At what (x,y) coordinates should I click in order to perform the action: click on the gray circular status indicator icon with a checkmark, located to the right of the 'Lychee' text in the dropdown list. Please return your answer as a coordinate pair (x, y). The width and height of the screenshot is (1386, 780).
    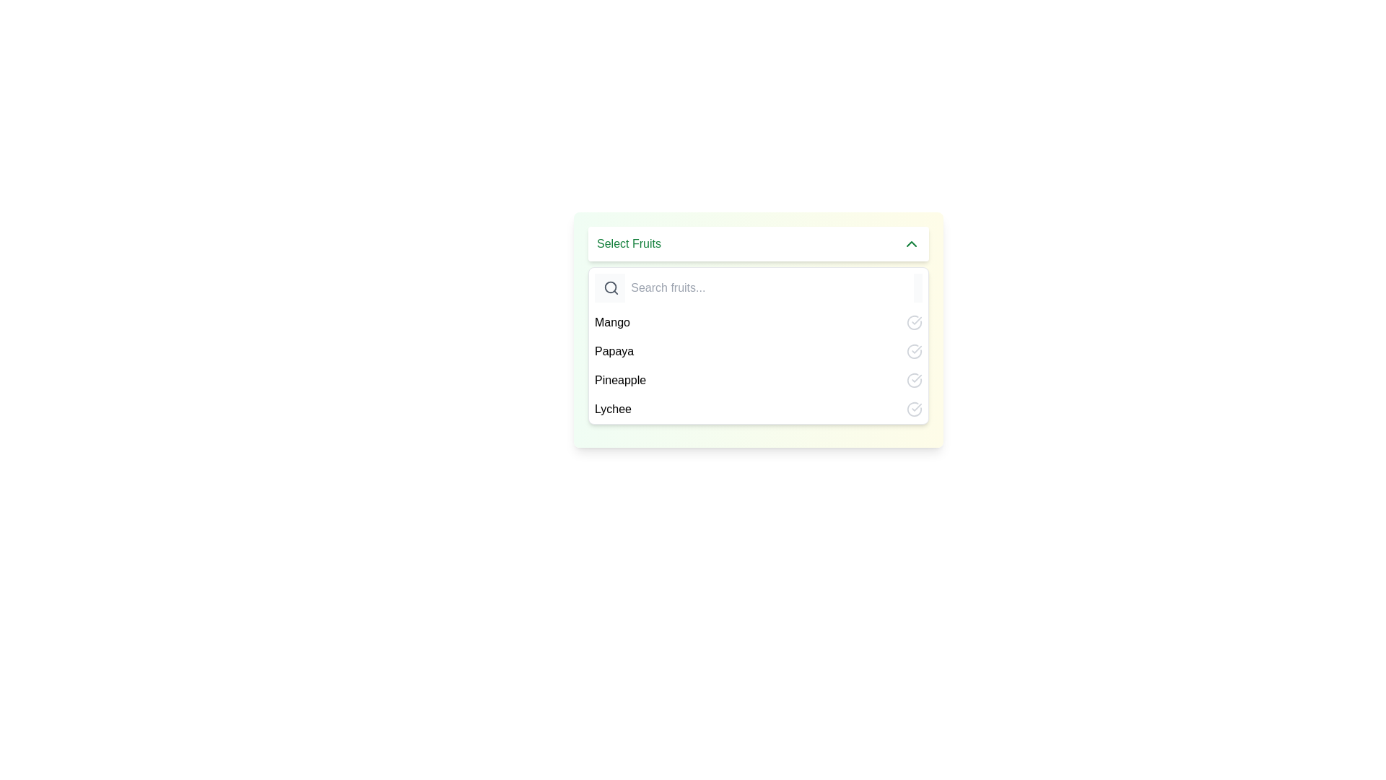
    Looking at the image, I should click on (914, 409).